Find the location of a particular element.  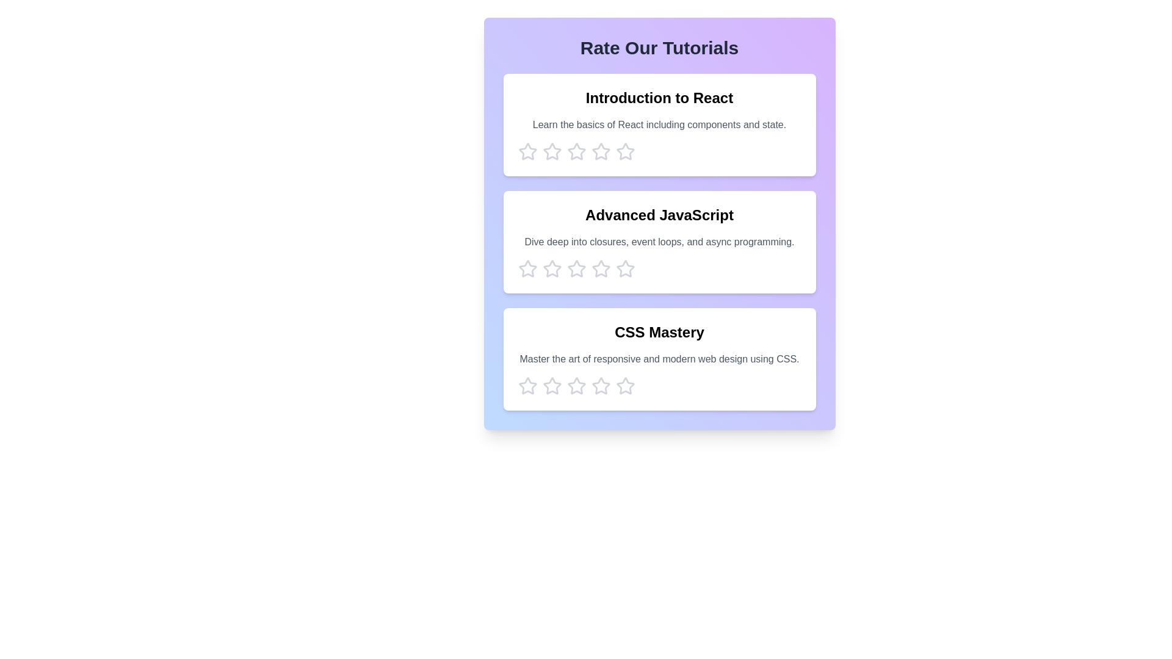

the star corresponding to 1 stars to preview the rating effect is located at coordinates (527, 151).